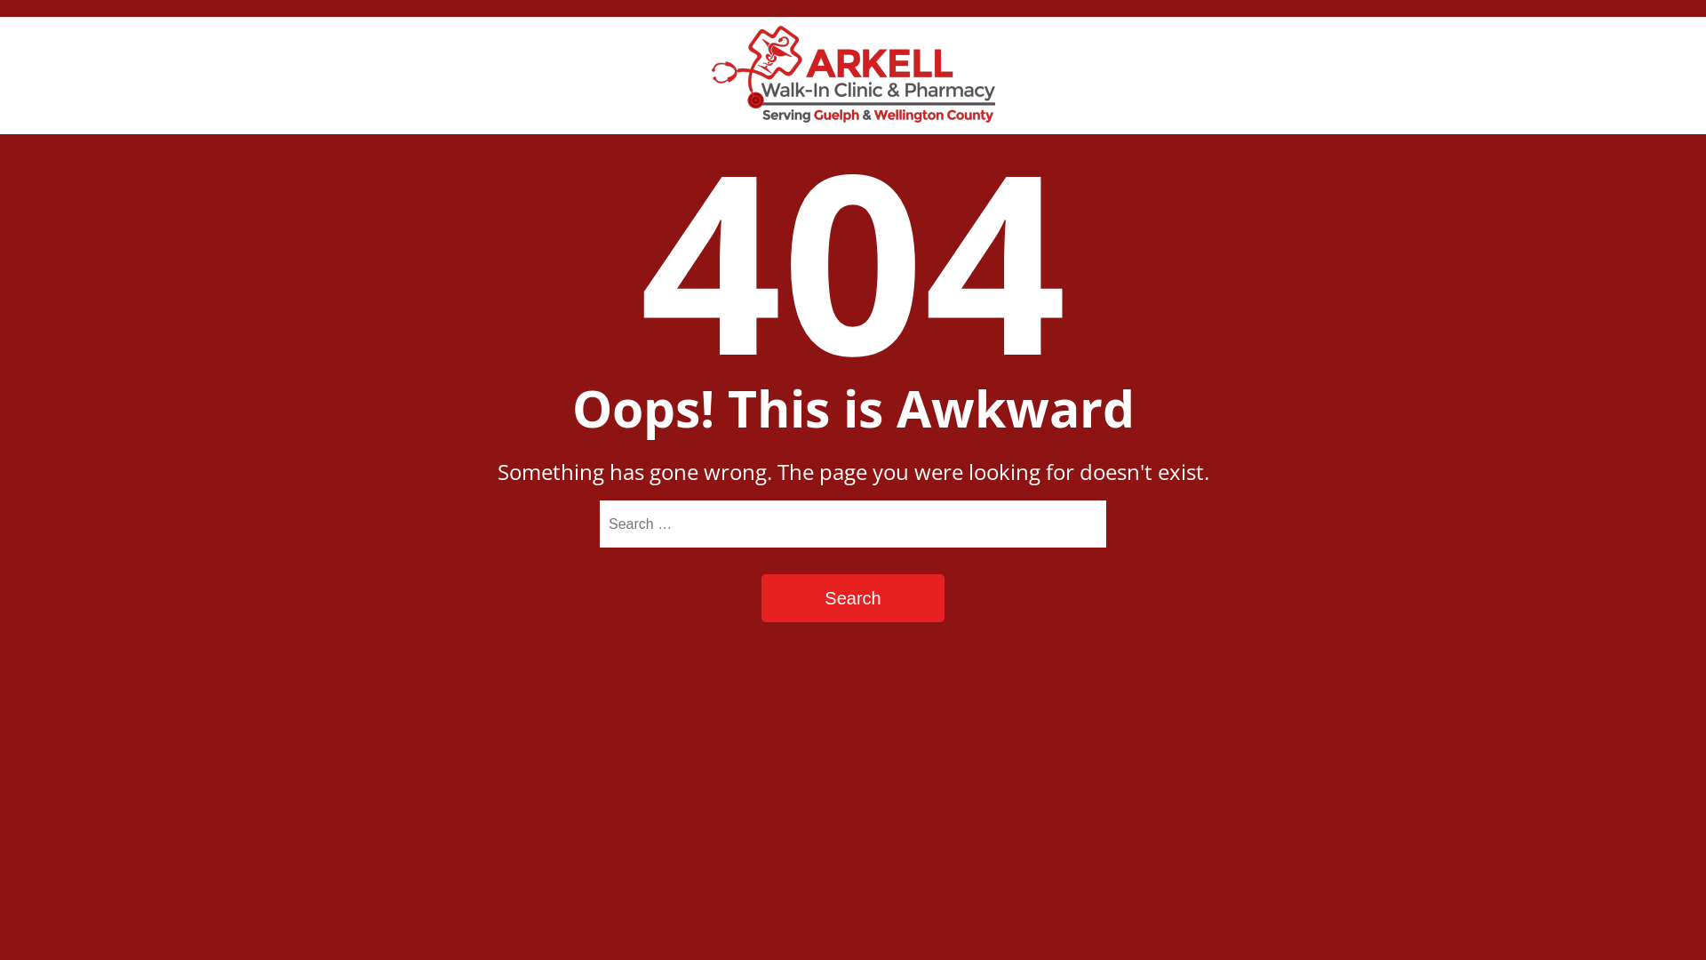 This screenshot has height=960, width=1706. I want to click on 'Search', so click(761, 597).